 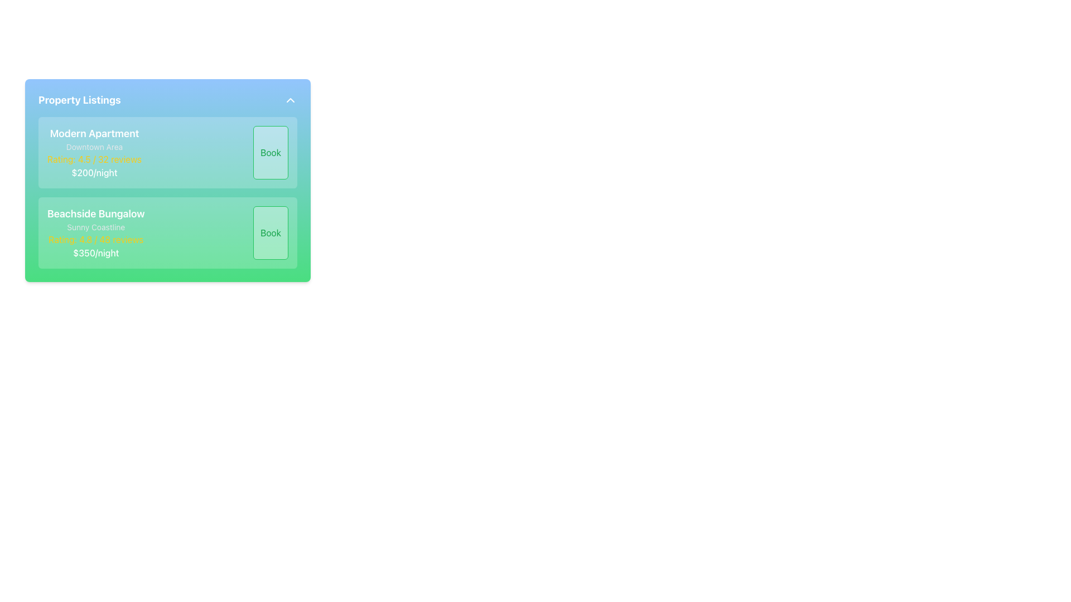 I want to click on details of the Text block containing property listing information, which includes the title 'Modern Apartment', location 'Downtown Area', a rating of 4.5, and a cost of $200 per night, so click(x=94, y=152).